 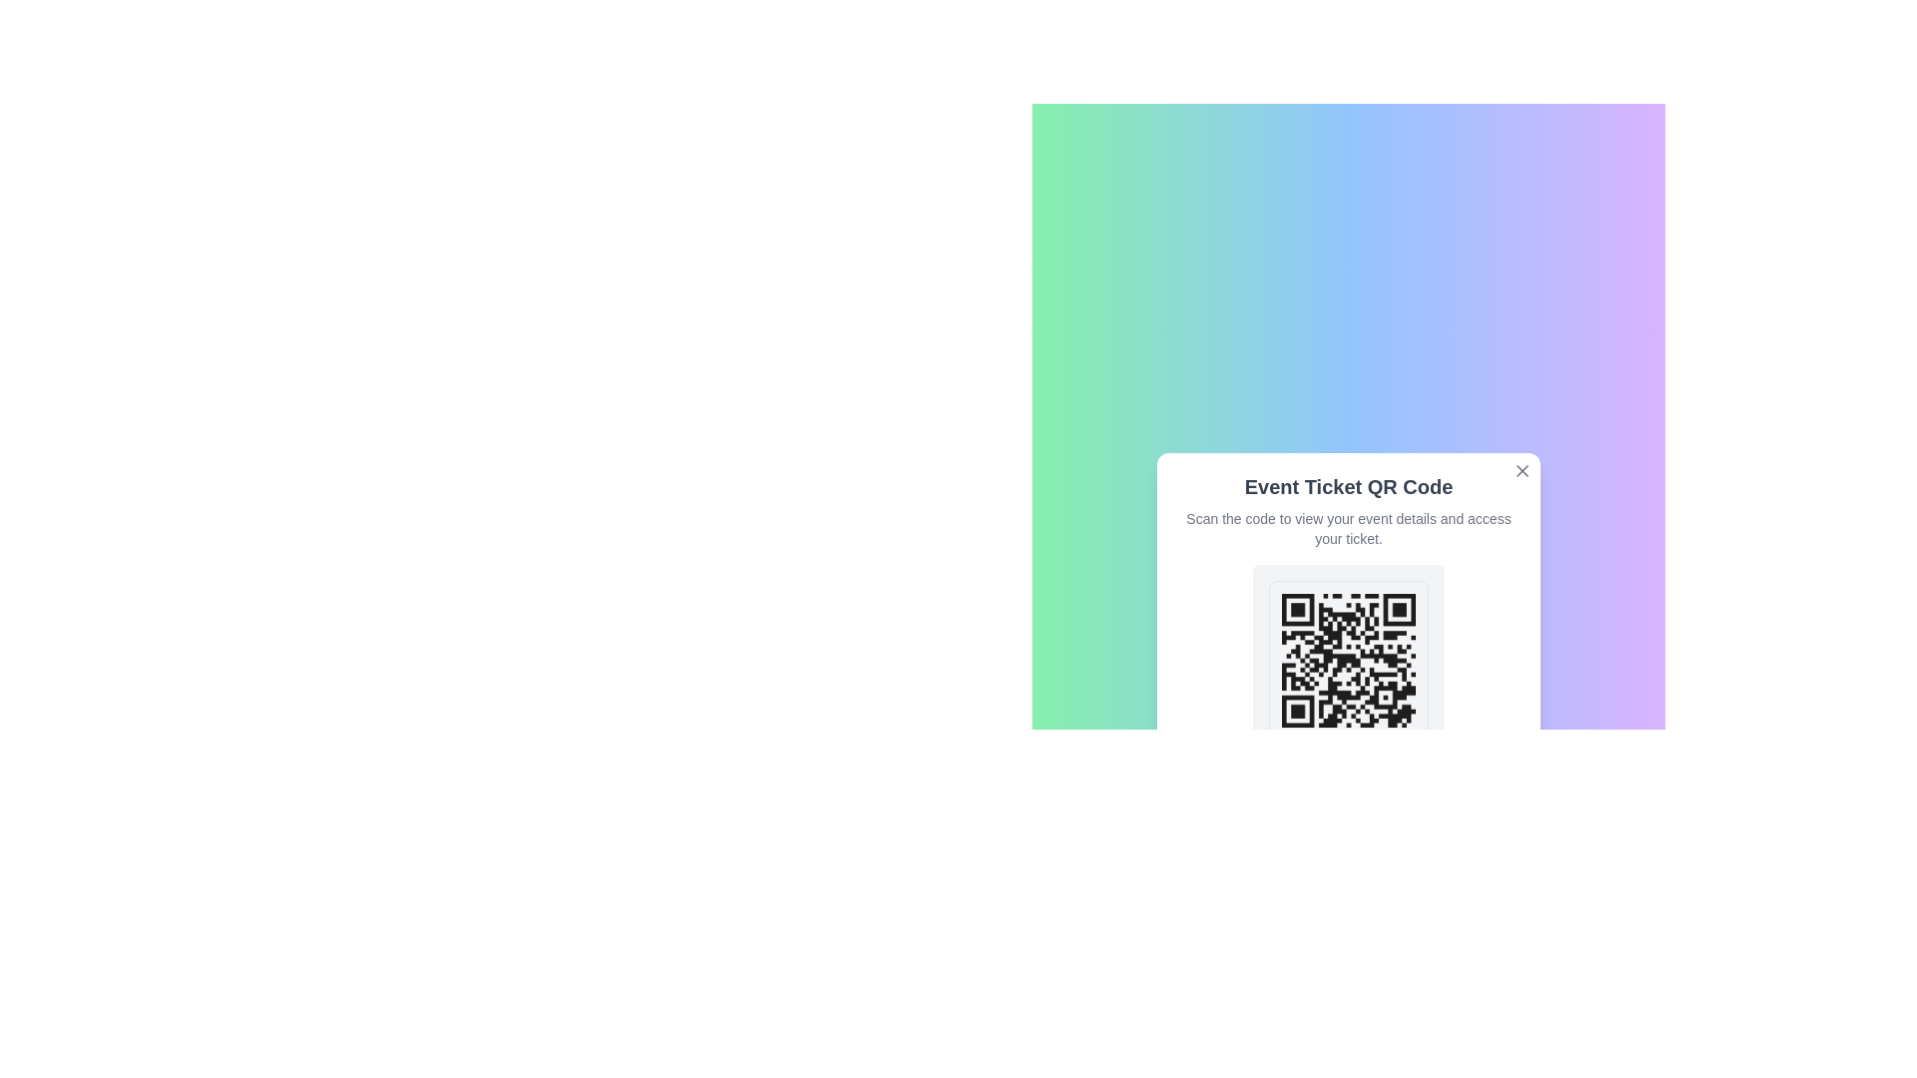 I want to click on the Close button located in the top-right corner of the 'Event Ticket QR Code' dialog window to possibly see a tooltip, so click(x=1522, y=470).